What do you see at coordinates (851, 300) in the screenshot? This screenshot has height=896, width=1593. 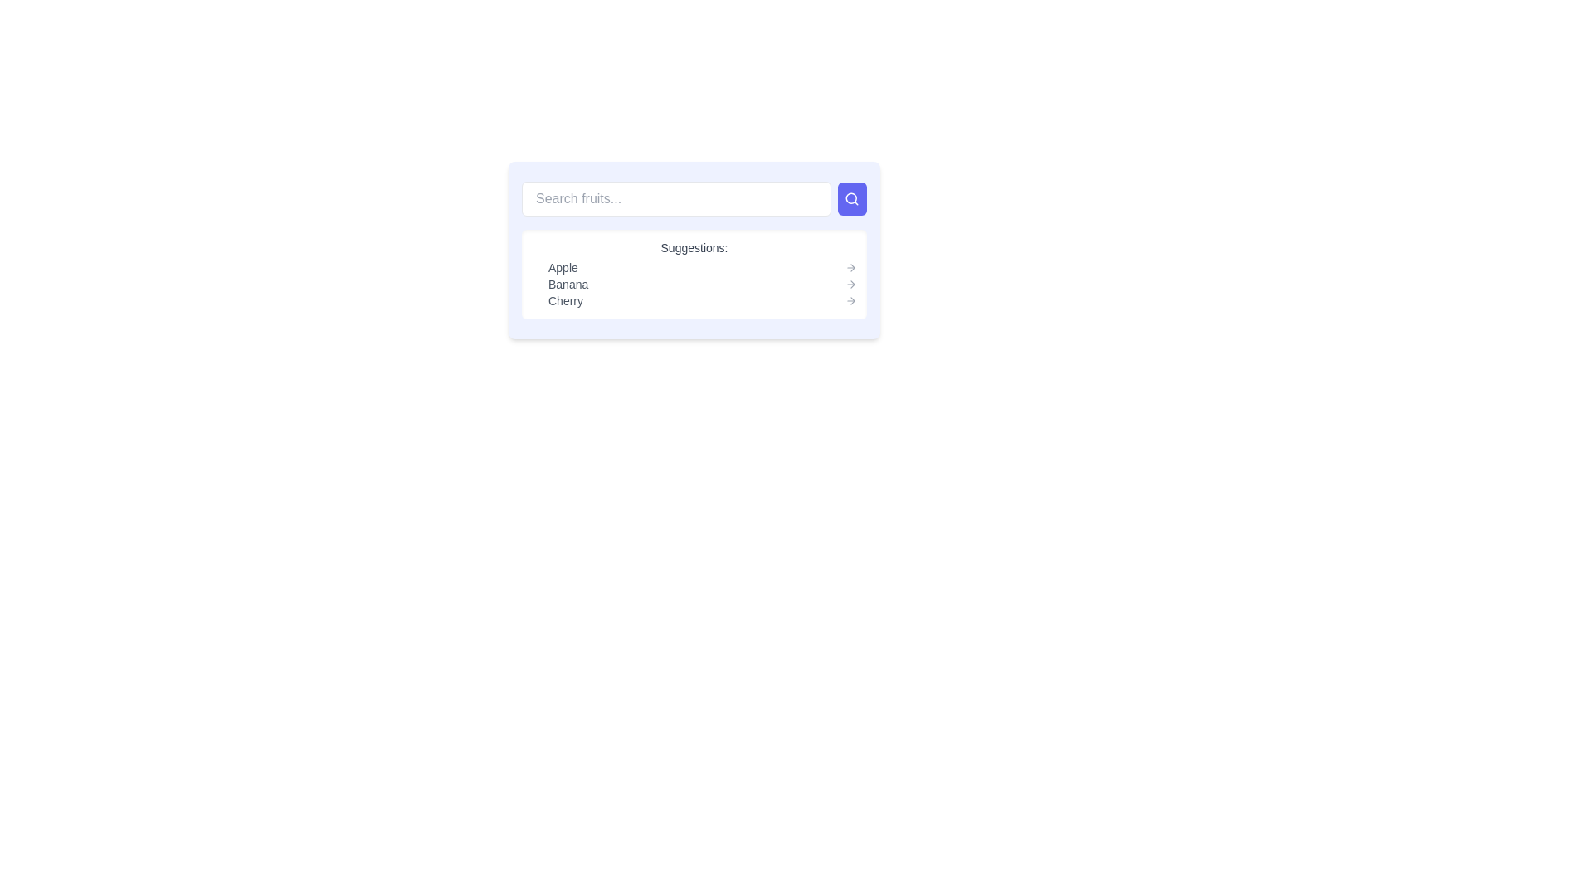 I see `the action trigger icon located on the far right of the 'Cherry' entry to initiate its corresponding action` at bounding box center [851, 300].